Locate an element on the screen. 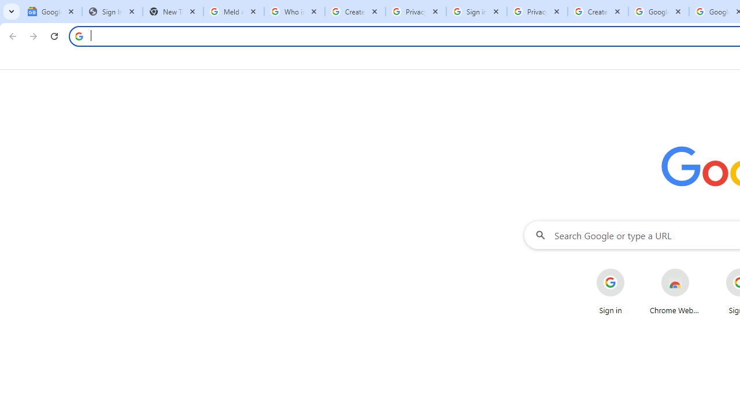 This screenshot has height=416, width=740. 'Chrome Web Store' is located at coordinates (675, 291).